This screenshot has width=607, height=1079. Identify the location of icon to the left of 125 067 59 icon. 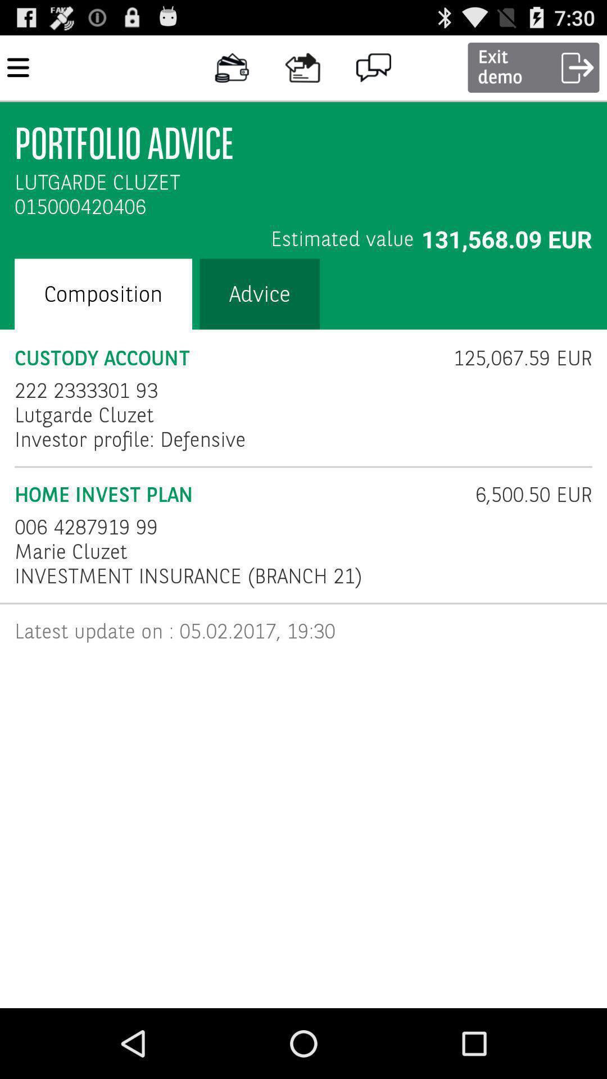
(227, 357).